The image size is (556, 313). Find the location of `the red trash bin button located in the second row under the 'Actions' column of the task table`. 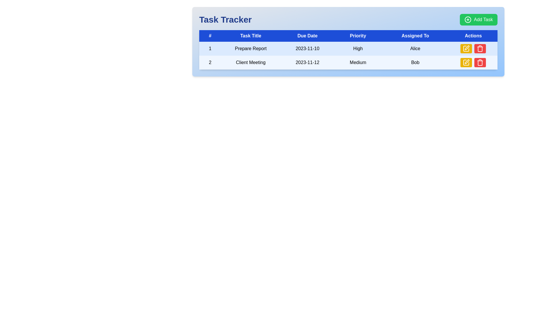

the red trash bin button located in the second row under the 'Actions' column of the task table is located at coordinates (480, 49).